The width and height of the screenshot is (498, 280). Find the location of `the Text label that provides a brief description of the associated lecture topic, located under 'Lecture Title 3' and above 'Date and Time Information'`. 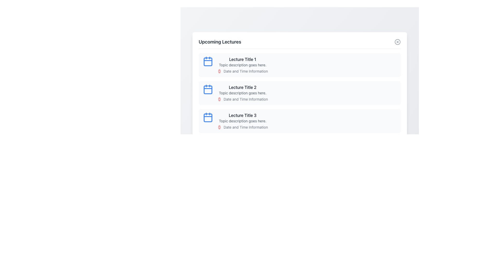

the Text label that provides a brief description of the associated lecture topic, located under 'Lecture Title 3' and above 'Date and Time Information' is located at coordinates (242, 121).